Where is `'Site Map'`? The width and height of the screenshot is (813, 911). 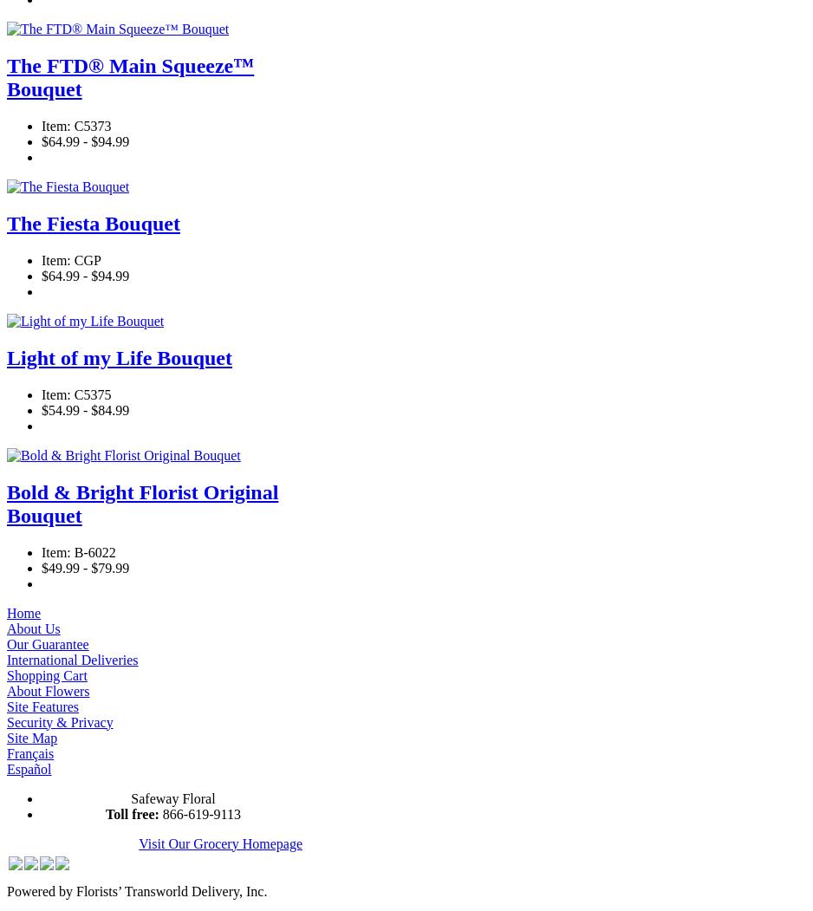 'Site Map' is located at coordinates (6, 736).